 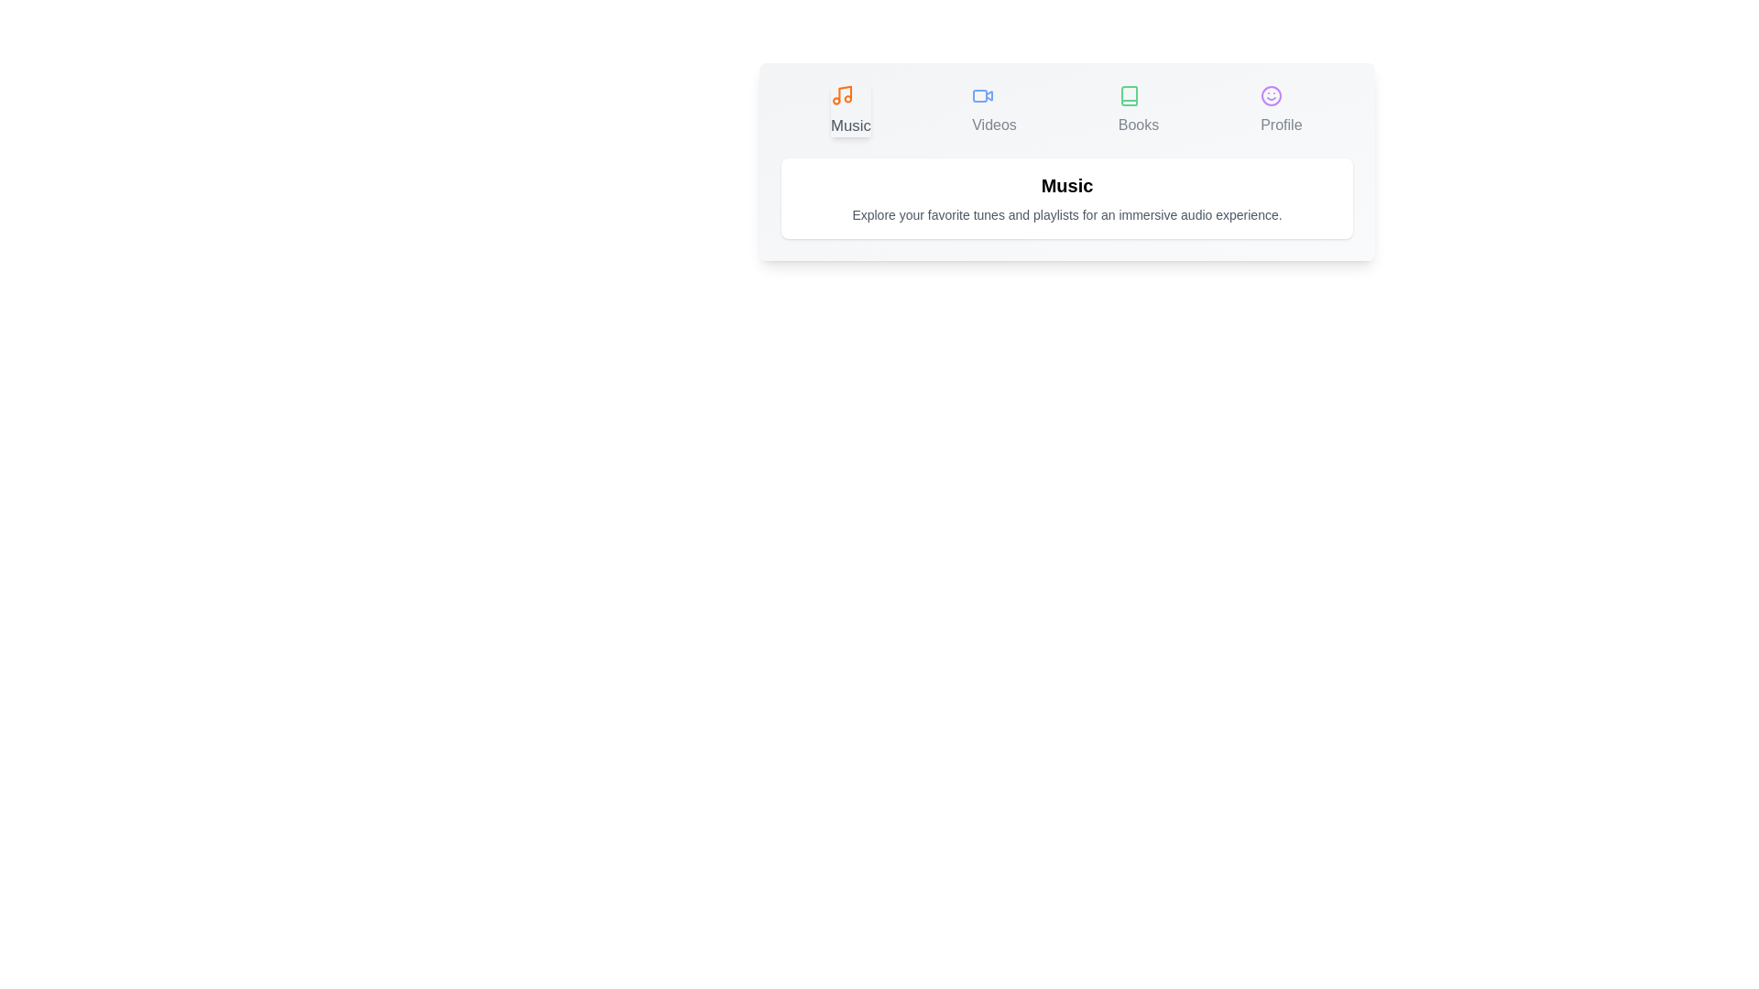 I want to click on the Books tab, so click(x=1138, y=110).